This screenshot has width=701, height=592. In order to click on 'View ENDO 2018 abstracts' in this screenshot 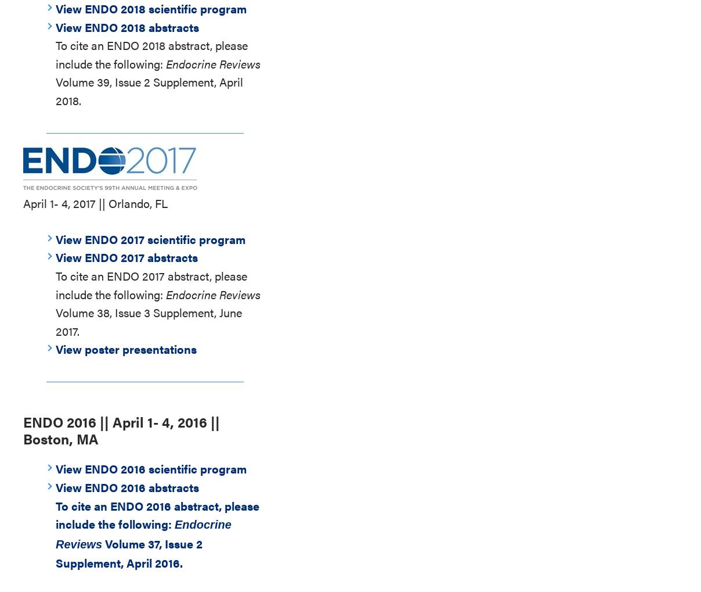, I will do `click(127, 26)`.